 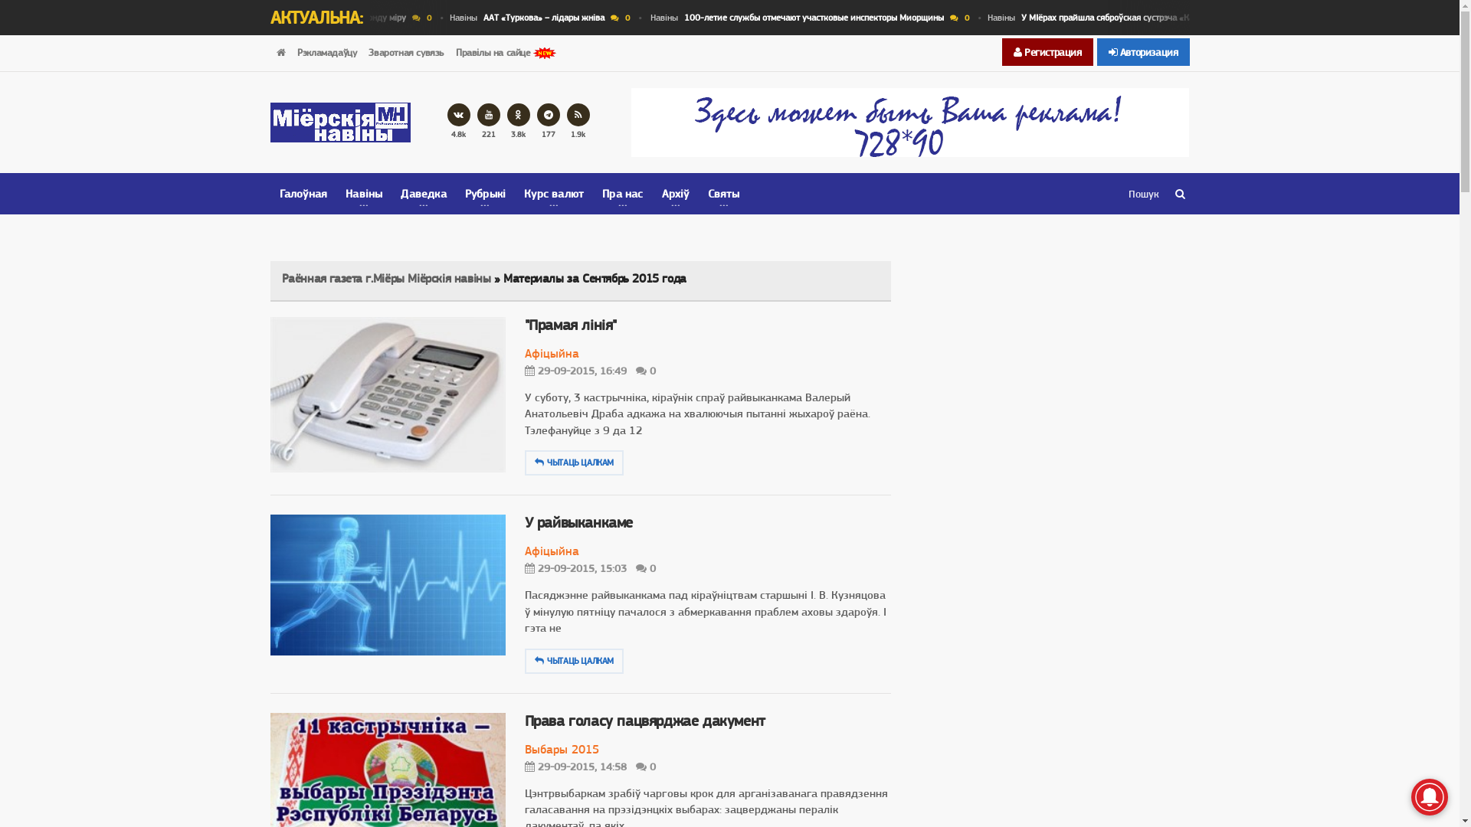 What do you see at coordinates (488, 120) in the screenshot?
I see `'221'` at bounding box center [488, 120].